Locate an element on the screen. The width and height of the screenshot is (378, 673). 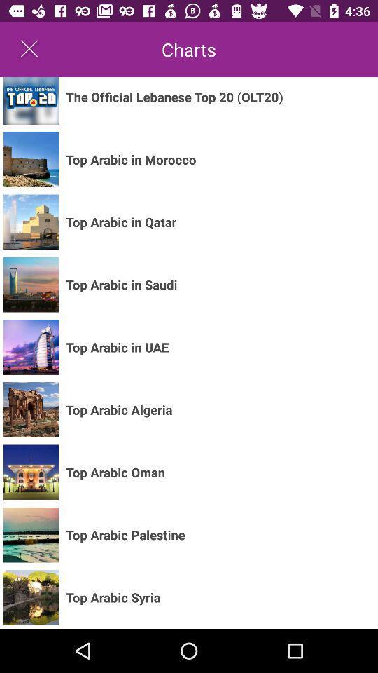
exit is located at coordinates (29, 49).